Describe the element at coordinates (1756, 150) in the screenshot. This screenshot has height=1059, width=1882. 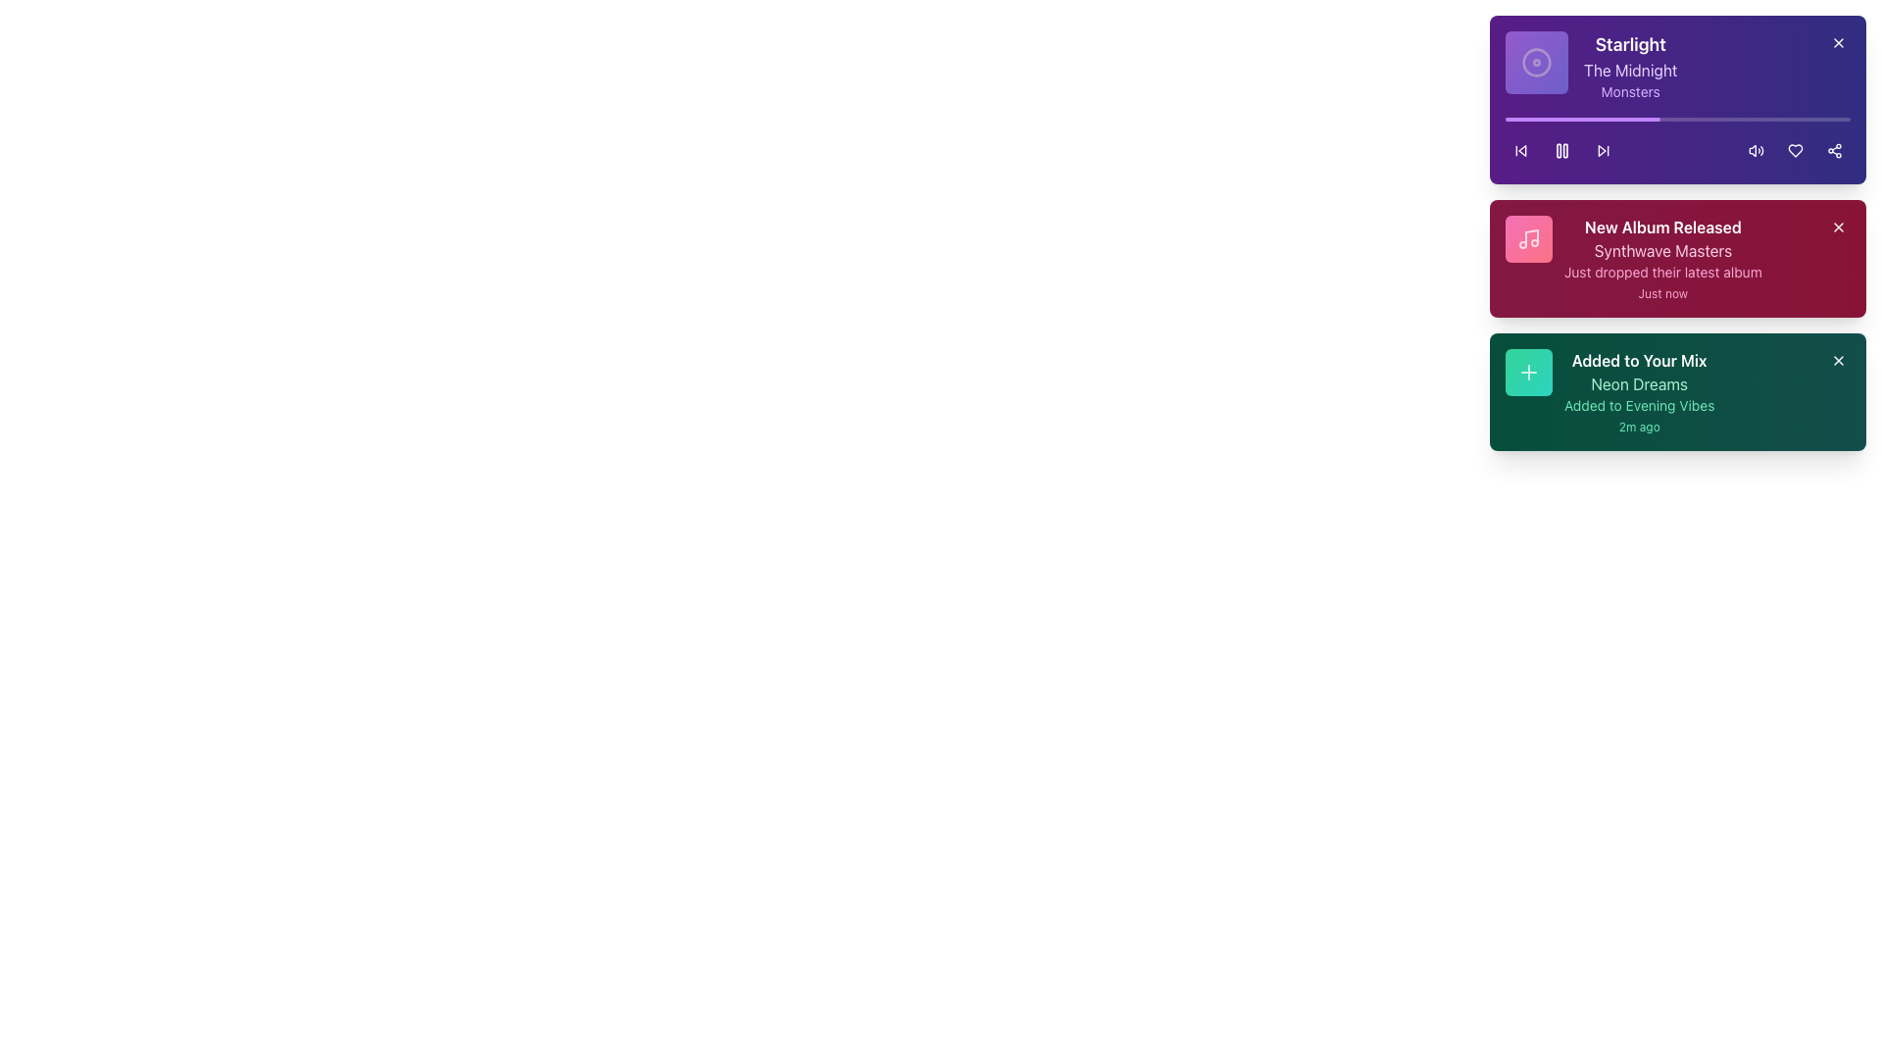
I see `the leftmost circular button for audio control located at the bottom-right corner of the 'Starlight' card by 'The Midnight'` at that location.